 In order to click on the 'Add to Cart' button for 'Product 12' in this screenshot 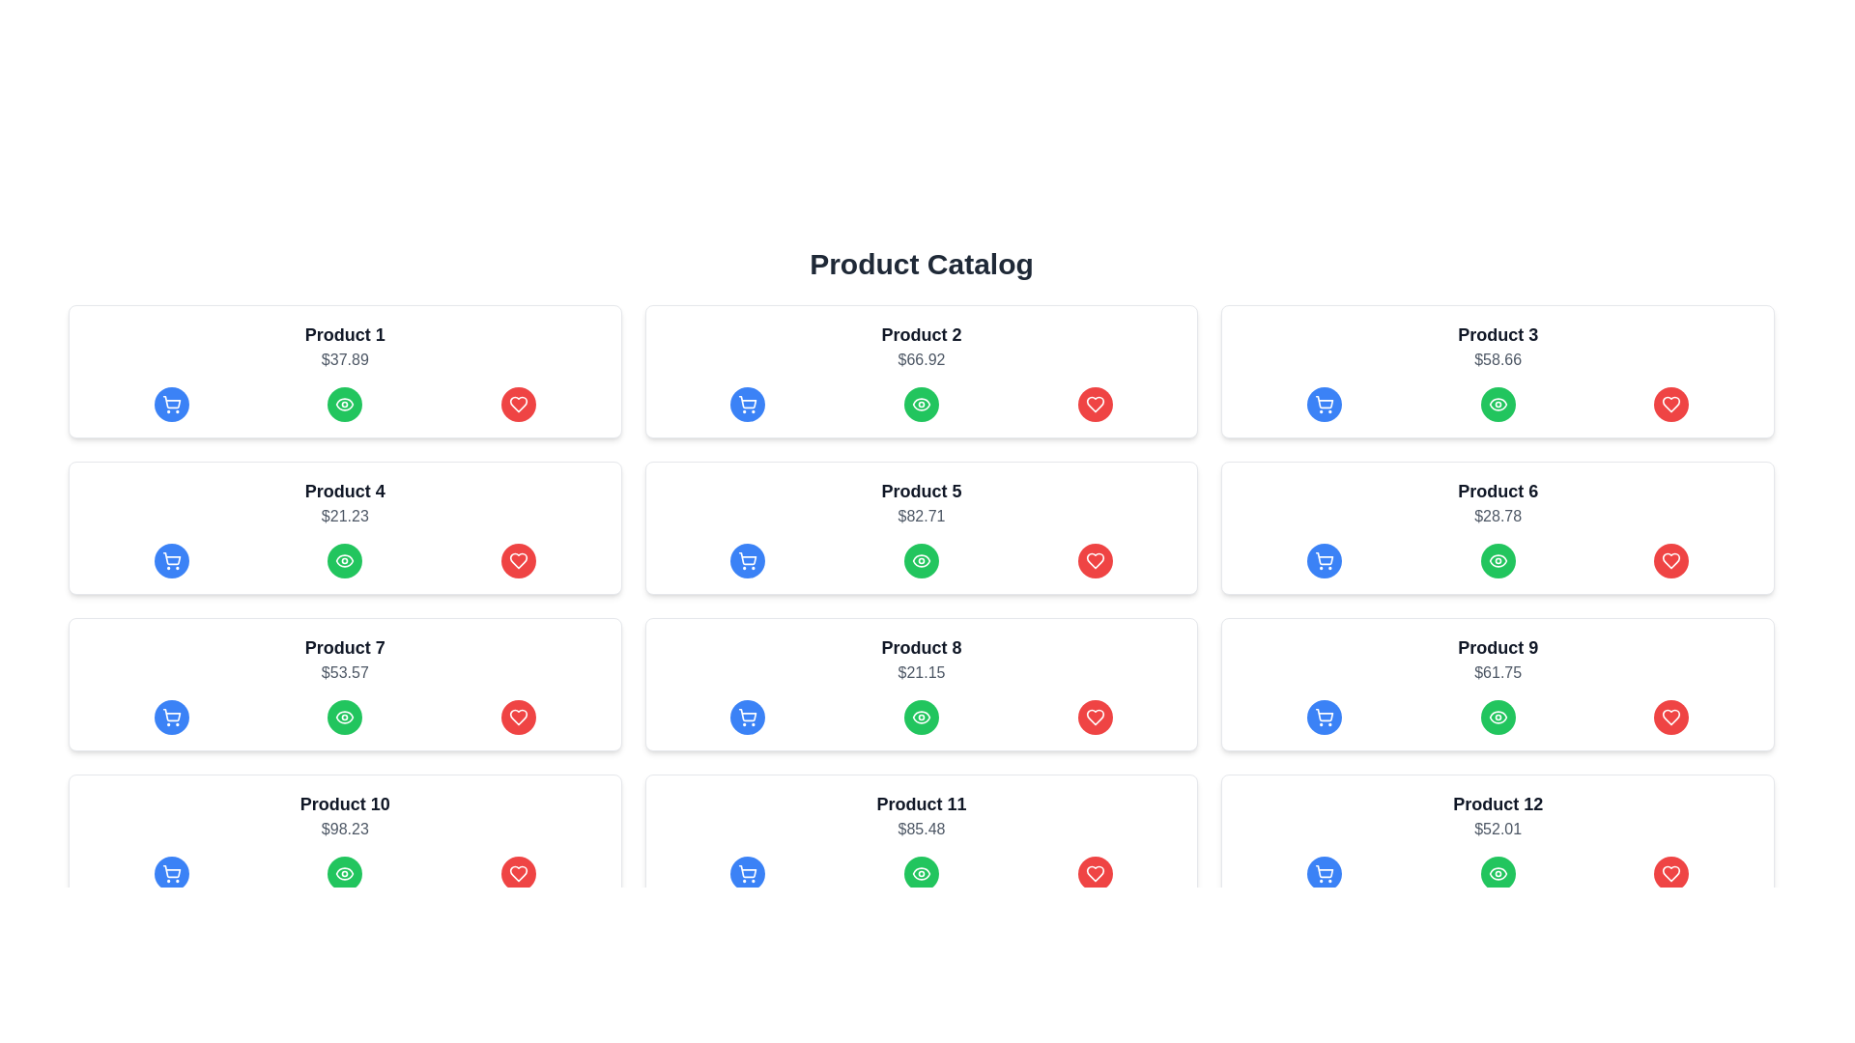, I will do `click(1324, 874)`.